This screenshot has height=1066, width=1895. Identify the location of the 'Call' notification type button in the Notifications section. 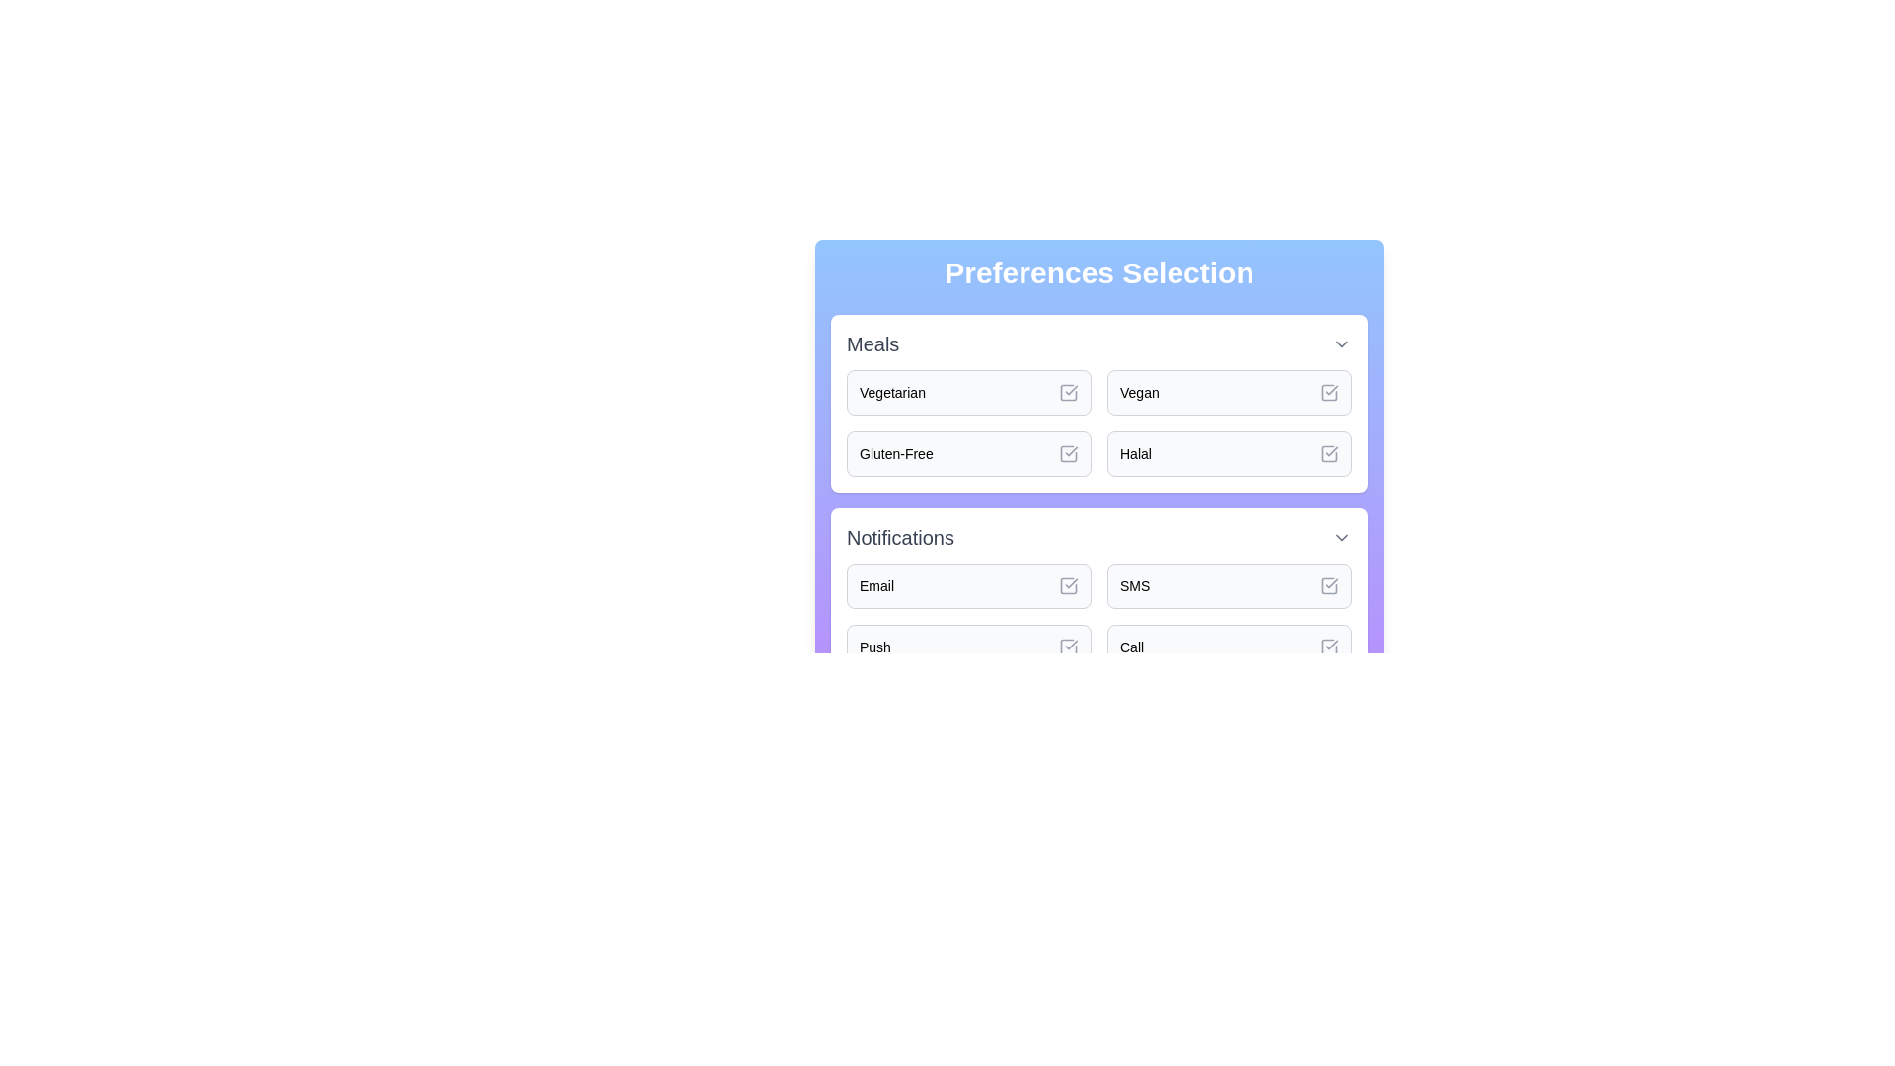
(1229, 647).